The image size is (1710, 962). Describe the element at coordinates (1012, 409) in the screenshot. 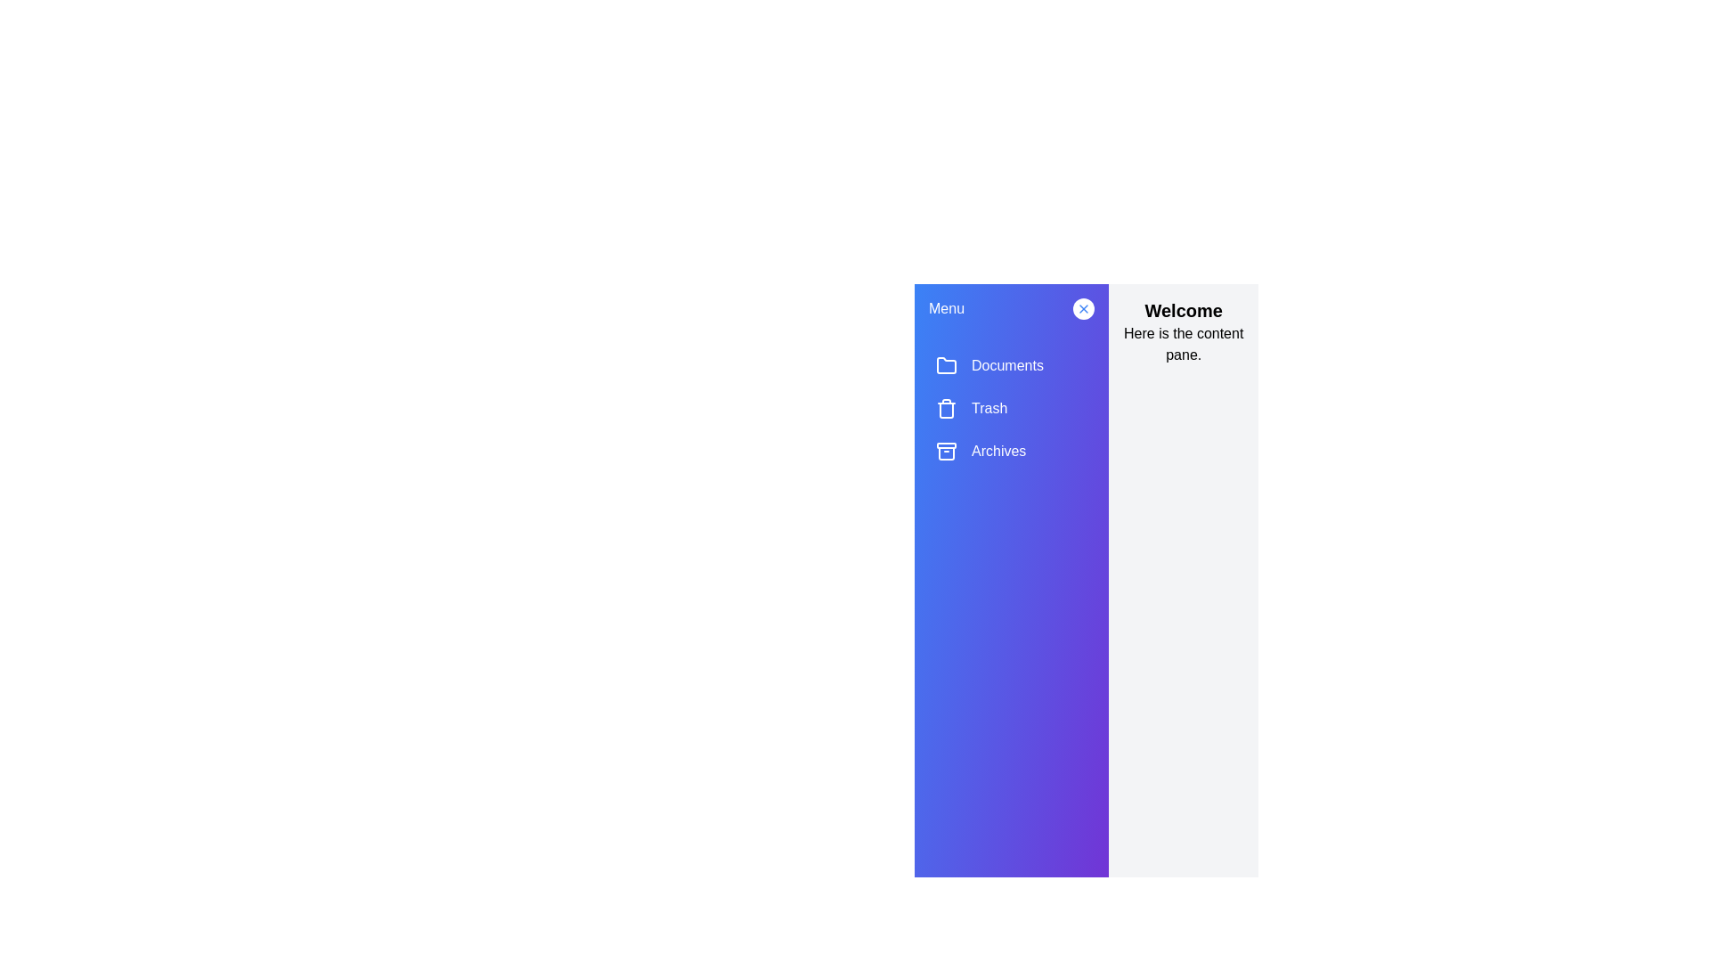

I see `the item Trash from the list in the drawer` at that location.